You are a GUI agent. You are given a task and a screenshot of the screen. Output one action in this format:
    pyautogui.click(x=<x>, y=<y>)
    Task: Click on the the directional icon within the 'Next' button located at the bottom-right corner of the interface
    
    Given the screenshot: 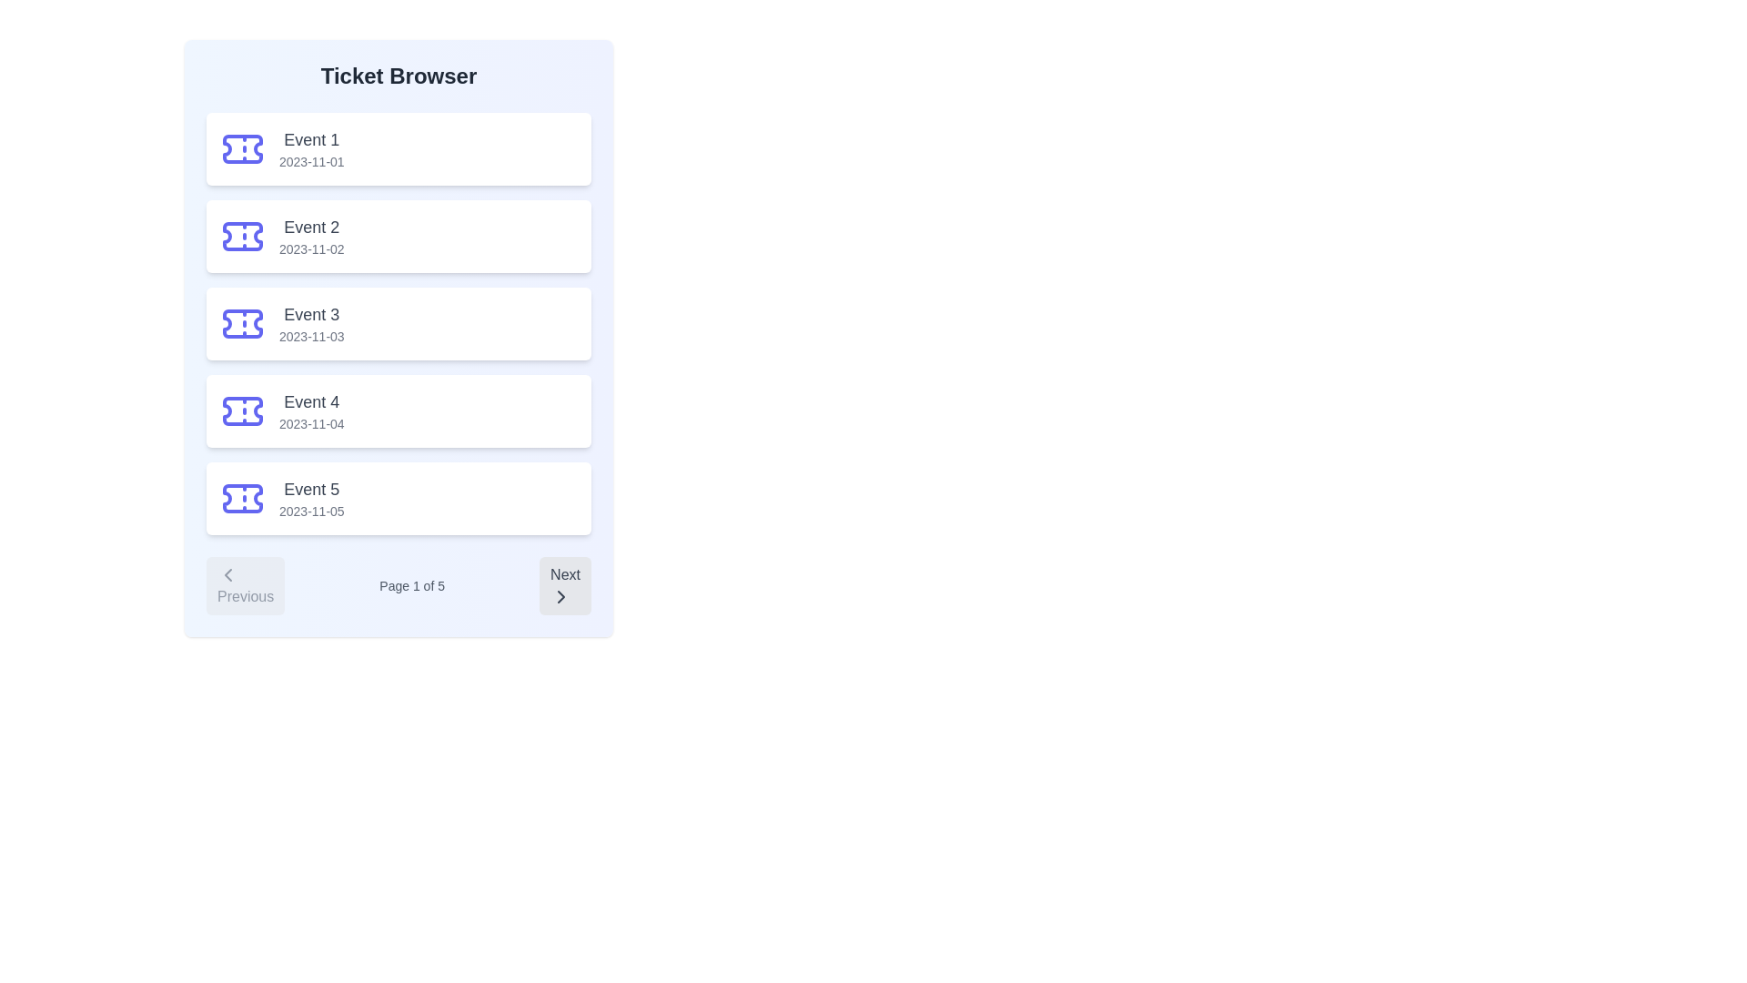 What is the action you would take?
    pyautogui.click(x=560, y=596)
    